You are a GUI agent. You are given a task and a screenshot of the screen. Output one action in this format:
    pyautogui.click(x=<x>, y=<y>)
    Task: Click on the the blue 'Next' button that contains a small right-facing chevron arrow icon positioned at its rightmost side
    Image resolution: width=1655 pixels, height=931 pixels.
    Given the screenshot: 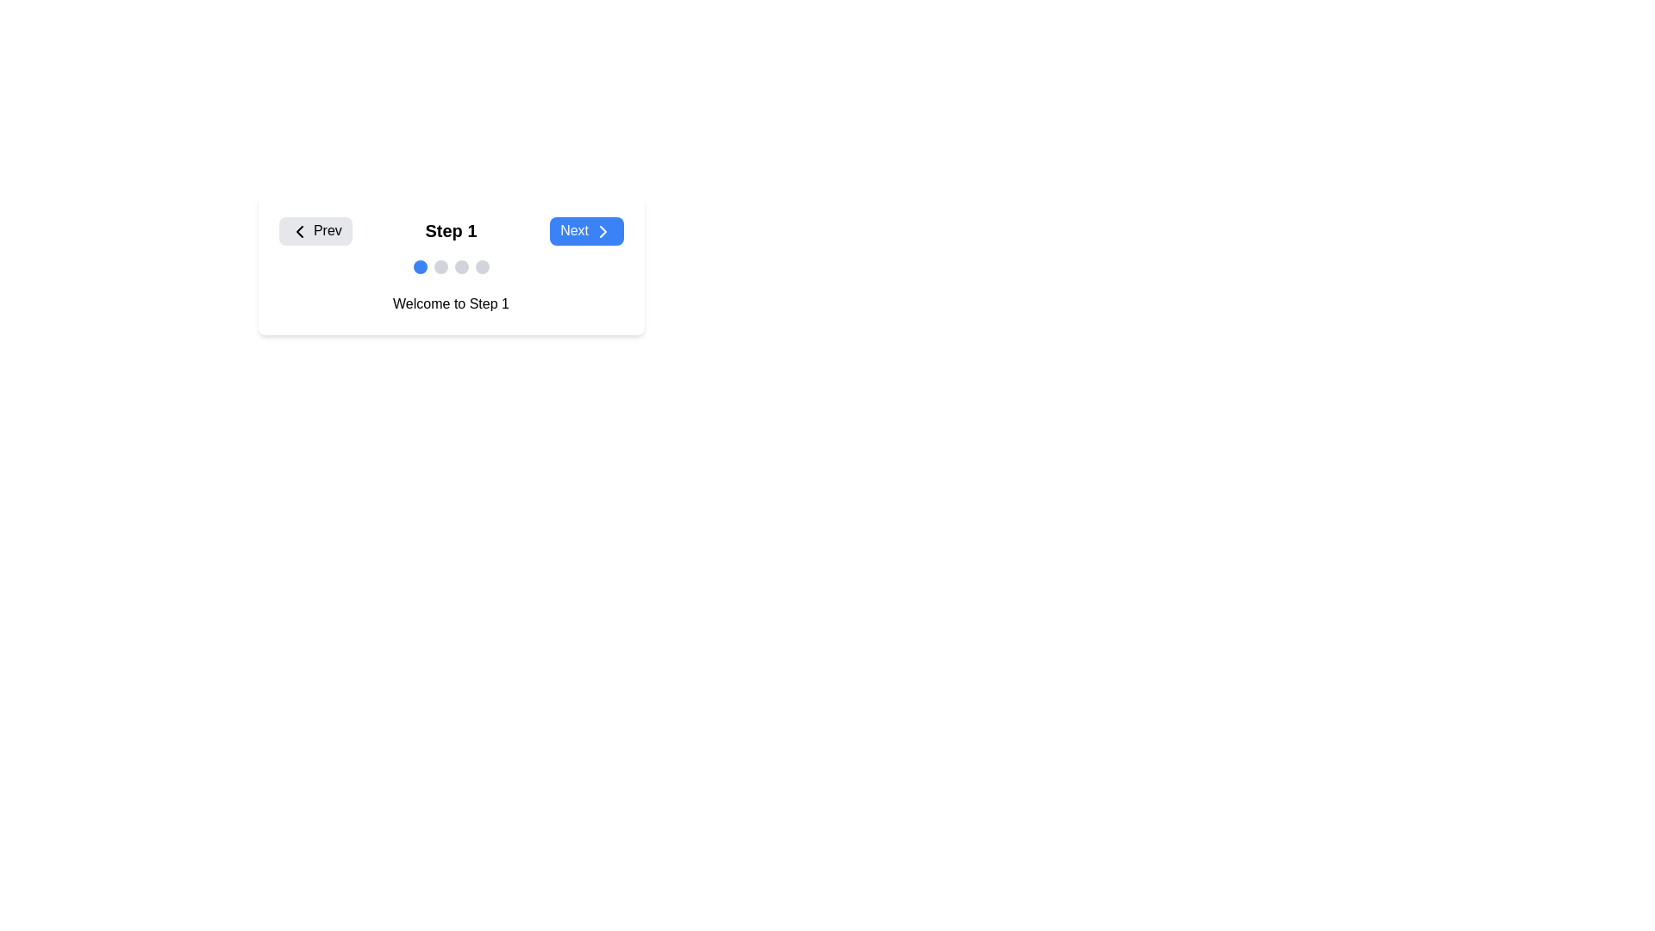 What is the action you would take?
    pyautogui.click(x=603, y=230)
    